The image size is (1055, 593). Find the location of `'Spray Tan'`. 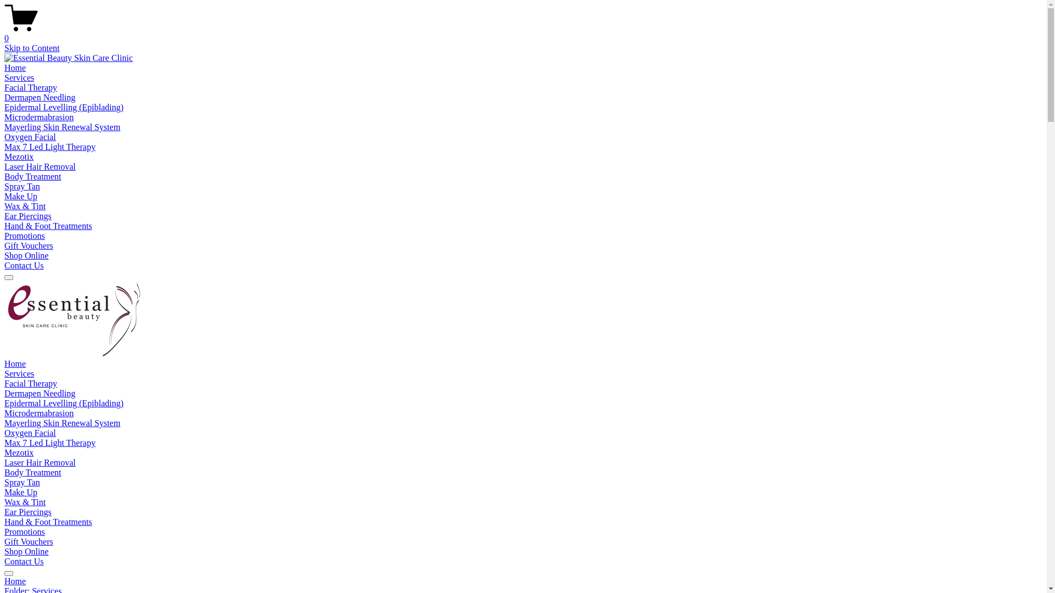

'Spray Tan' is located at coordinates (22, 186).